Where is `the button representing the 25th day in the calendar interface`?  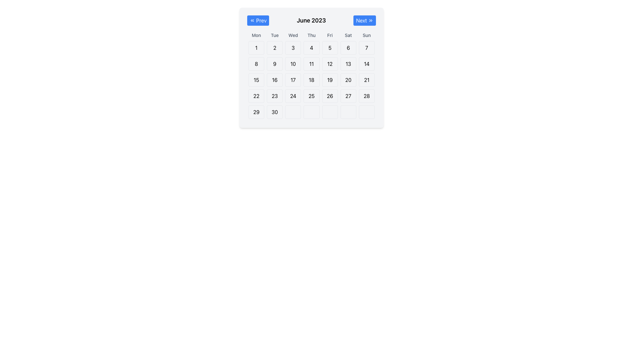 the button representing the 25th day in the calendar interface is located at coordinates (312, 96).